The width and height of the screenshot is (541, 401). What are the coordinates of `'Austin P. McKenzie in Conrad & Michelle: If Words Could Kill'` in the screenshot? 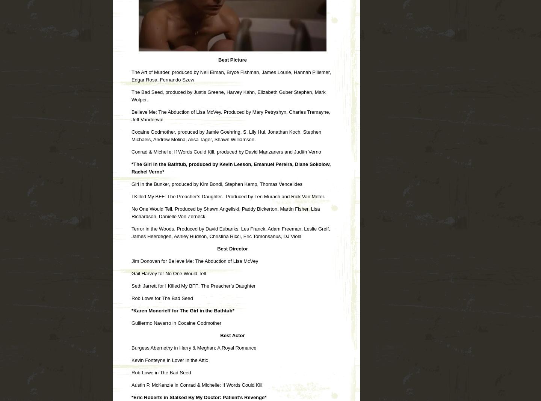 It's located at (196, 384).